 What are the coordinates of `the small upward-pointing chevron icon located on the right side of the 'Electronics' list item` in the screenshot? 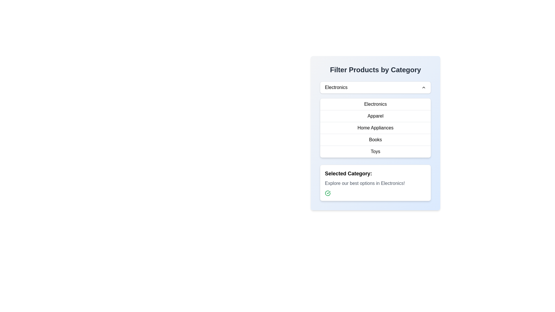 It's located at (423, 88).